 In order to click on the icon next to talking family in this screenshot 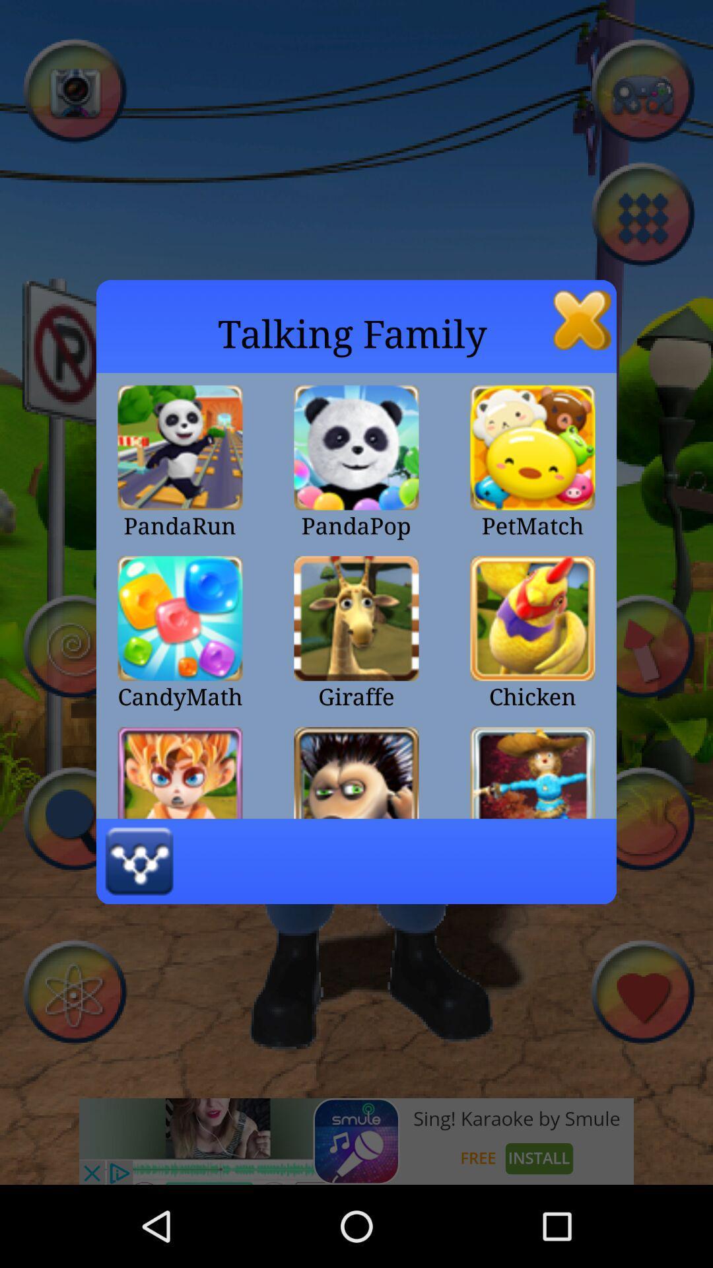, I will do `click(582, 320)`.